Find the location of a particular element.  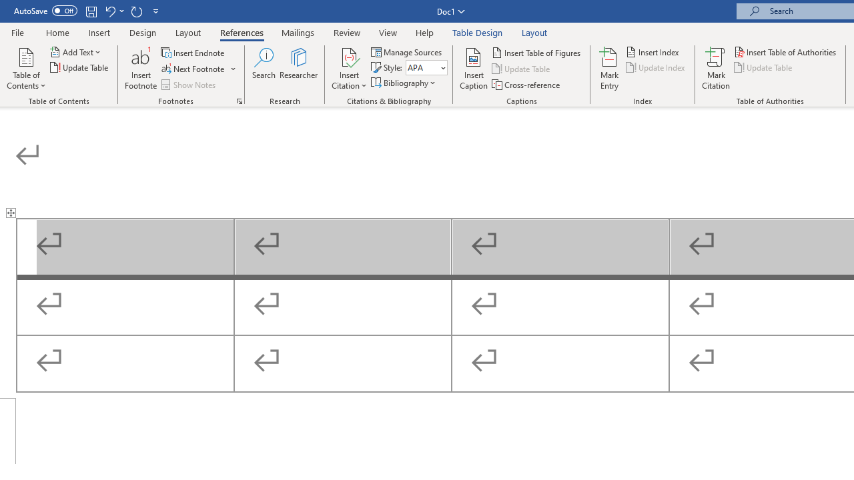

'Add Text' is located at coordinates (75, 51).